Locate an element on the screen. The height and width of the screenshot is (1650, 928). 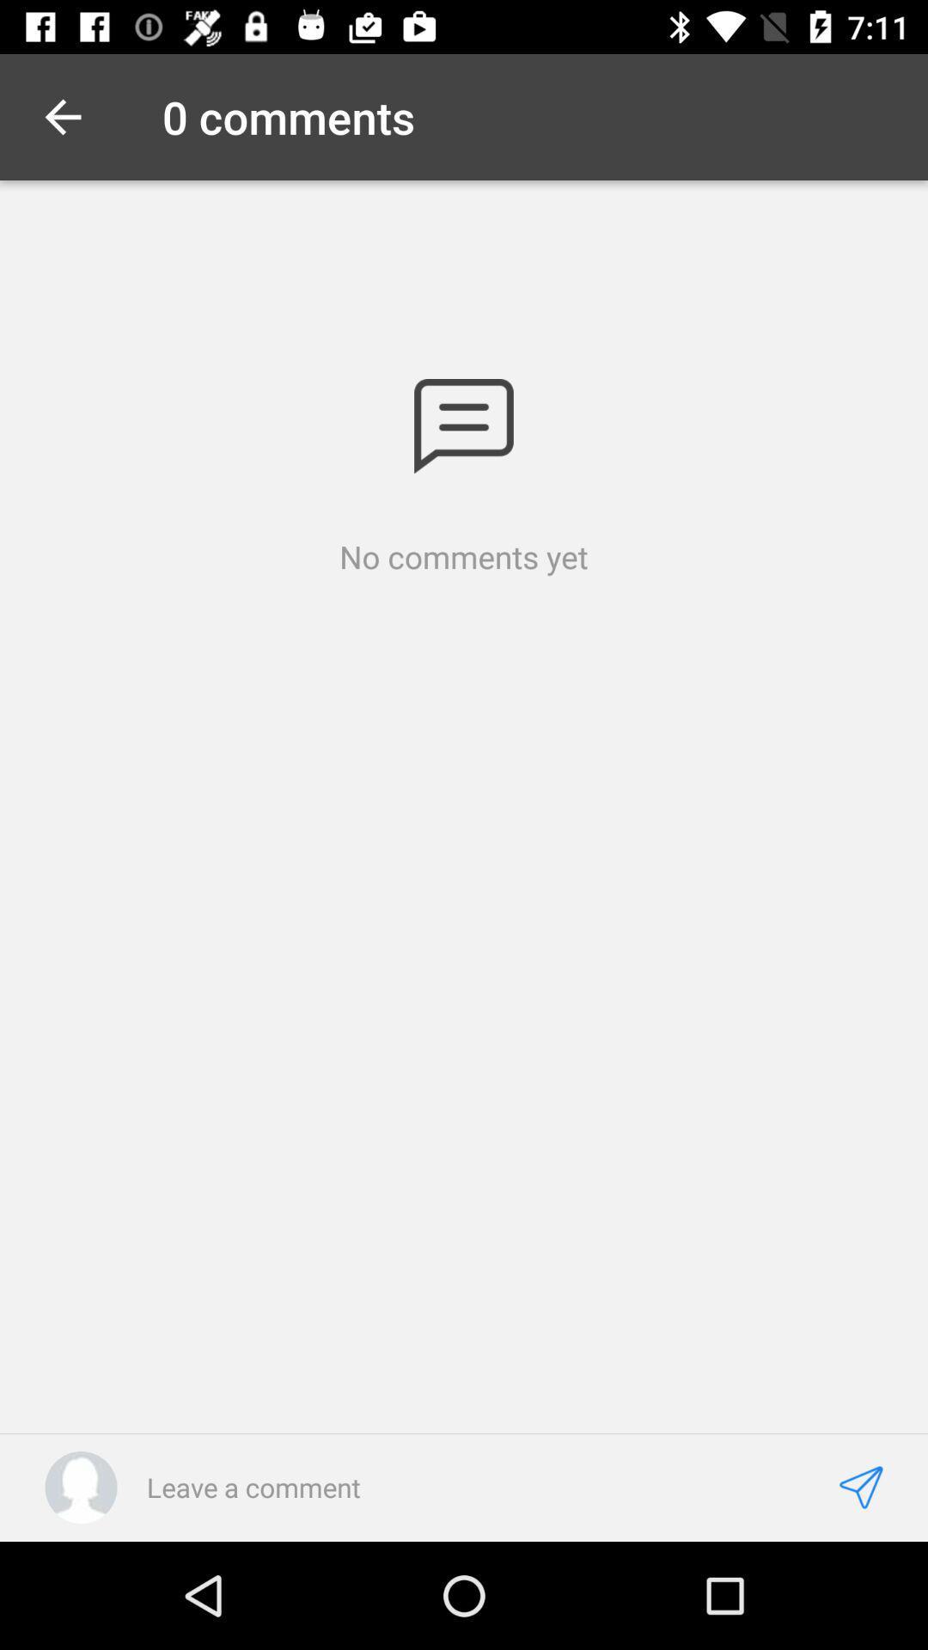
item to the left of 0 comments is located at coordinates (62, 116).